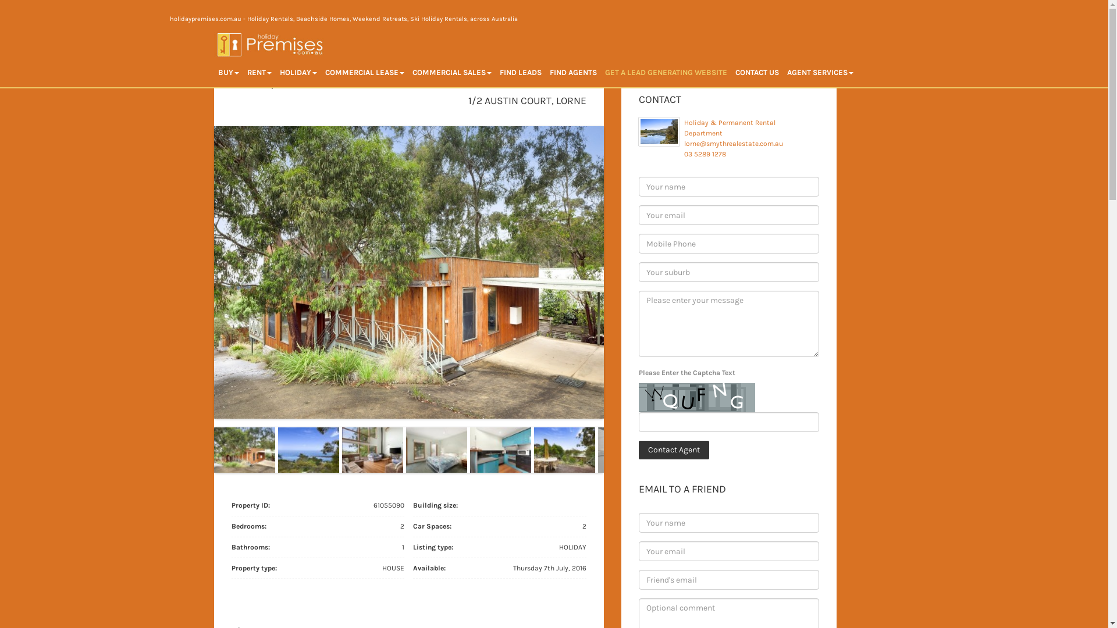 This screenshot has height=628, width=1117. I want to click on '* Please provide valid phone number', so click(728, 243).